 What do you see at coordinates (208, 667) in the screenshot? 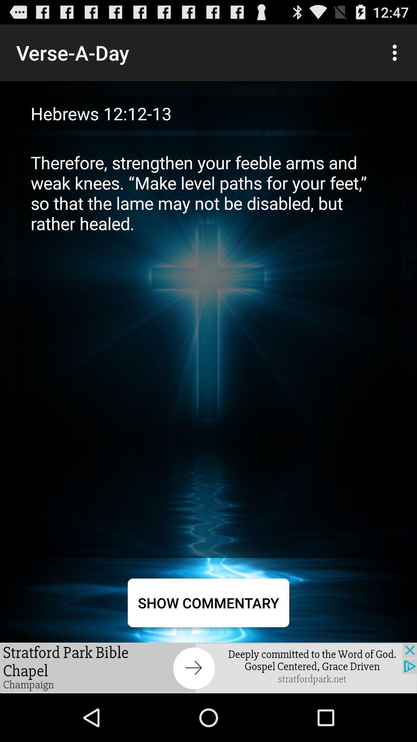
I see `clickable advertisement` at bounding box center [208, 667].